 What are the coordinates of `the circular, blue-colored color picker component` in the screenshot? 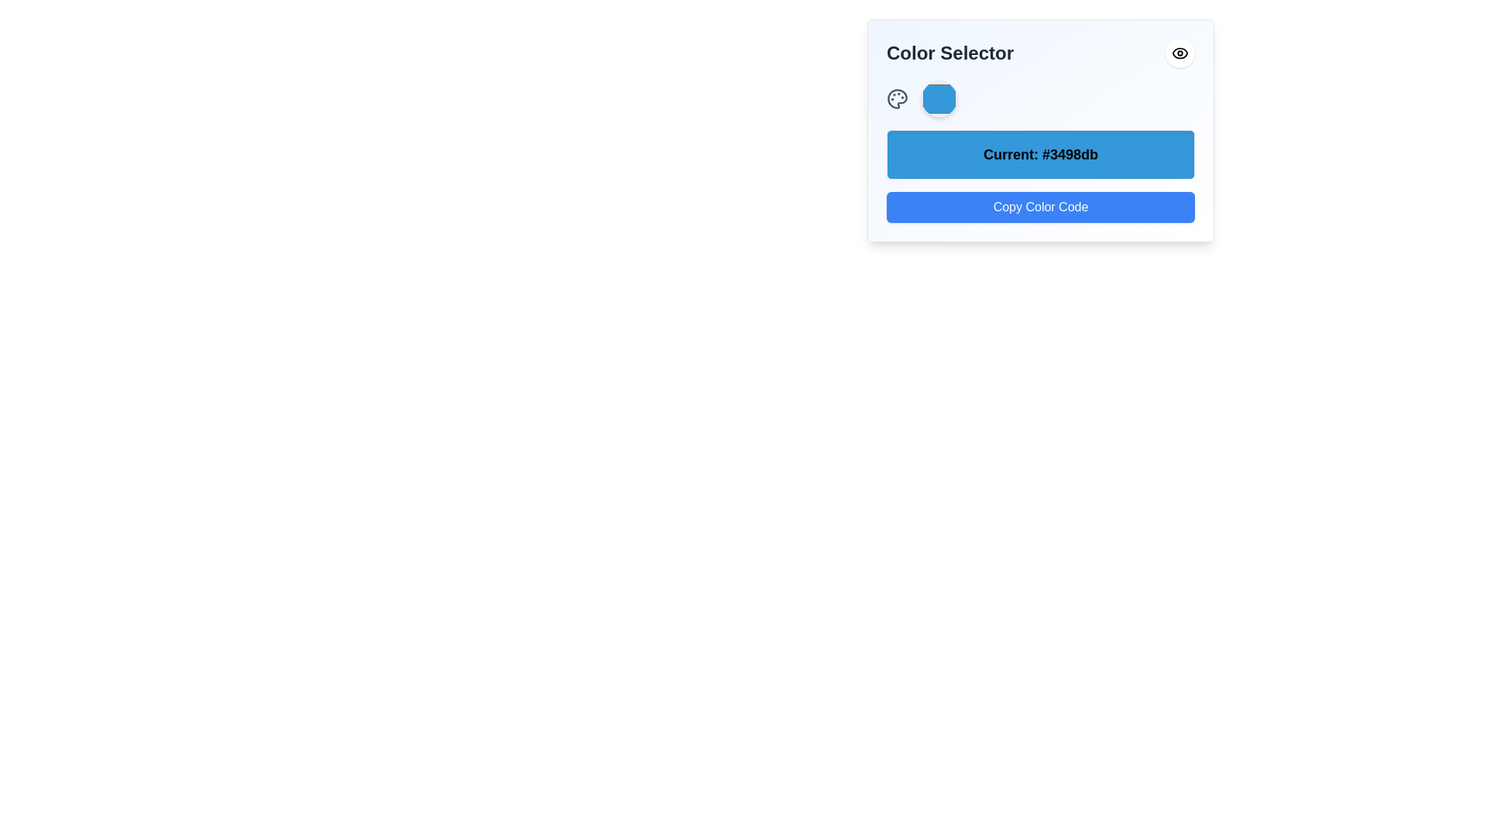 It's located at (939, 98).